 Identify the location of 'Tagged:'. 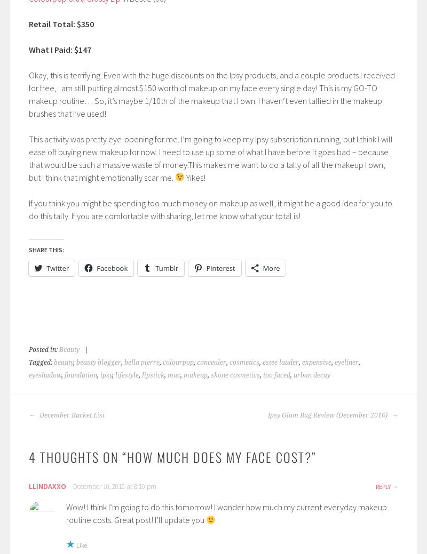
(41, 362).